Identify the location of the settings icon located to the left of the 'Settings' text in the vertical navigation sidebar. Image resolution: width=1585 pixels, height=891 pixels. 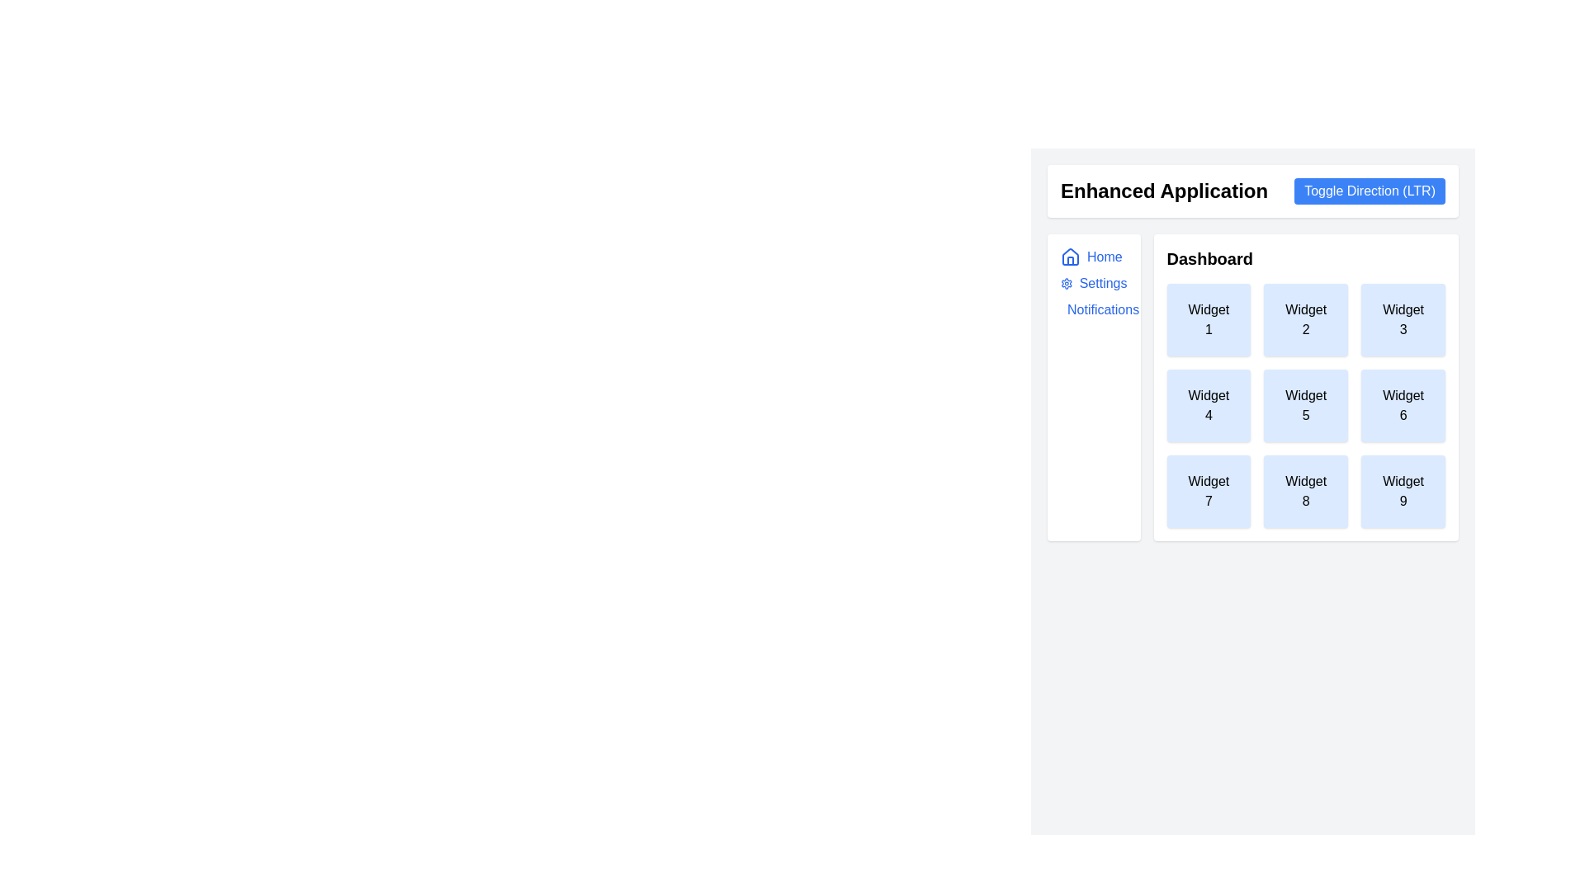
(1067, 282).